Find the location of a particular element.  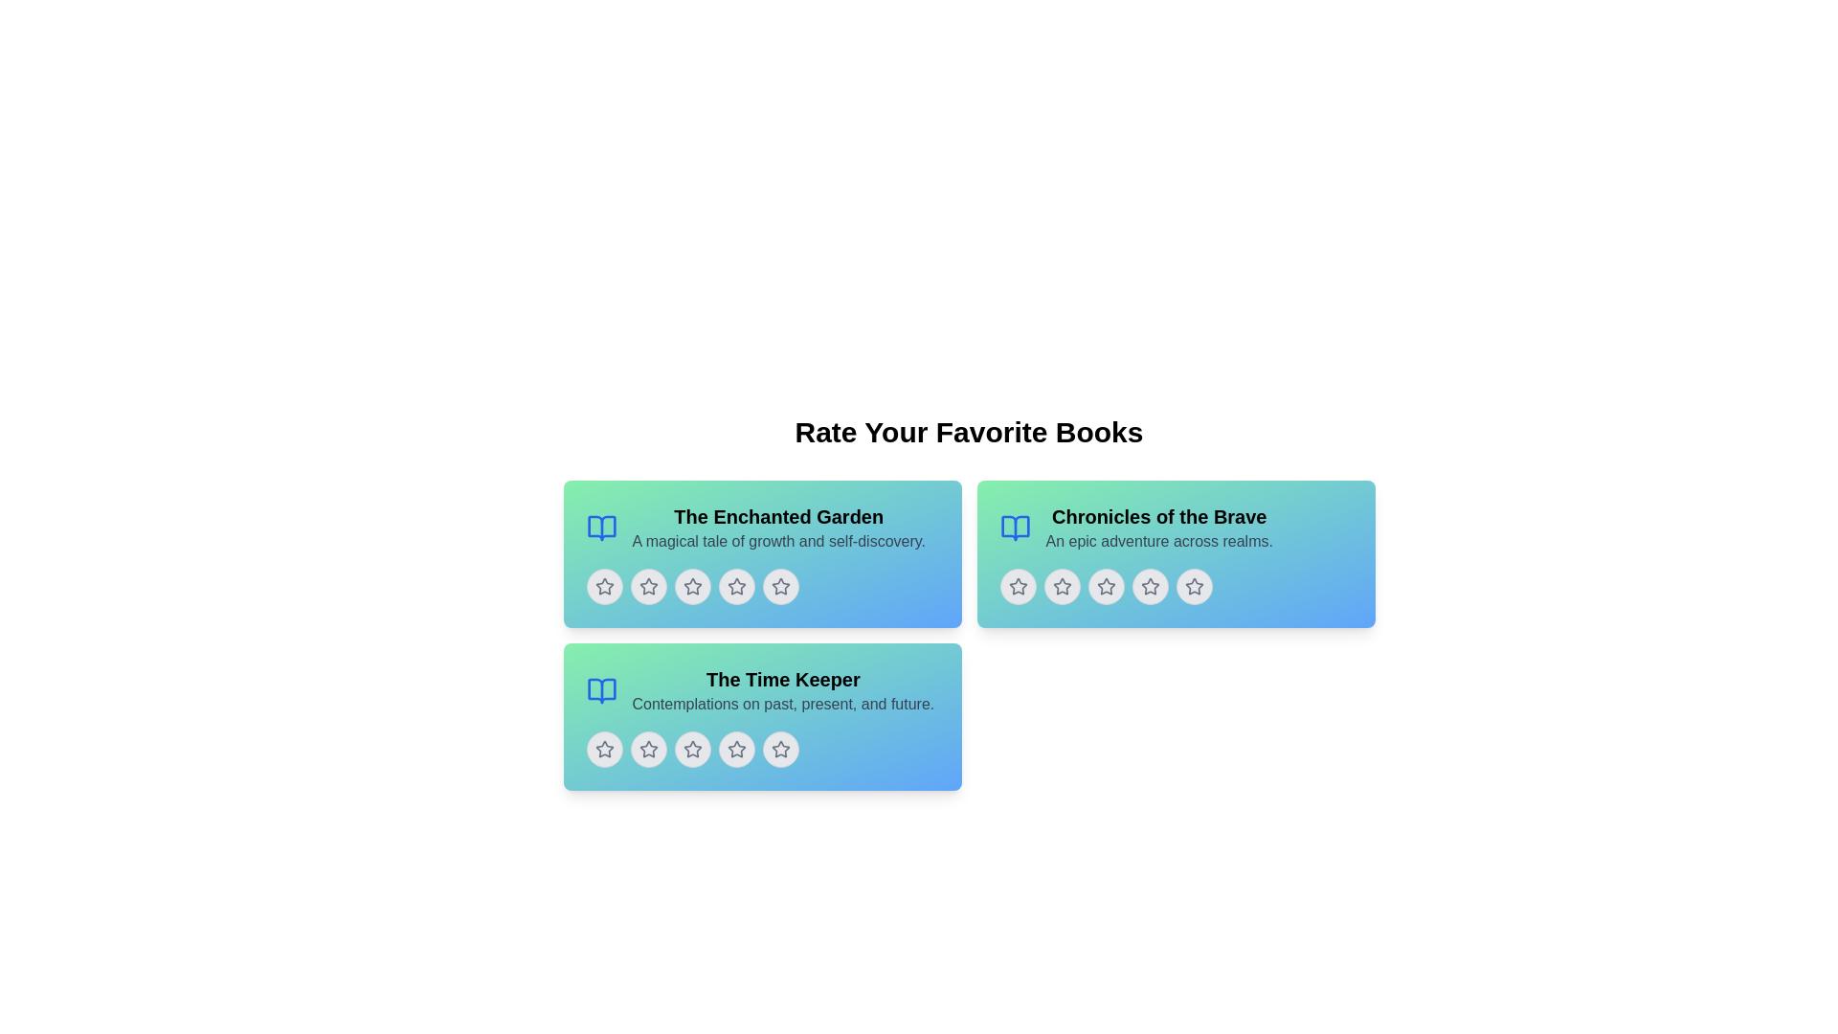

the third star-shaped Rating Star Icon with a gray outline in the rating section of 'The Enchanted Garden' to rate is located at coordinates (735, 586).